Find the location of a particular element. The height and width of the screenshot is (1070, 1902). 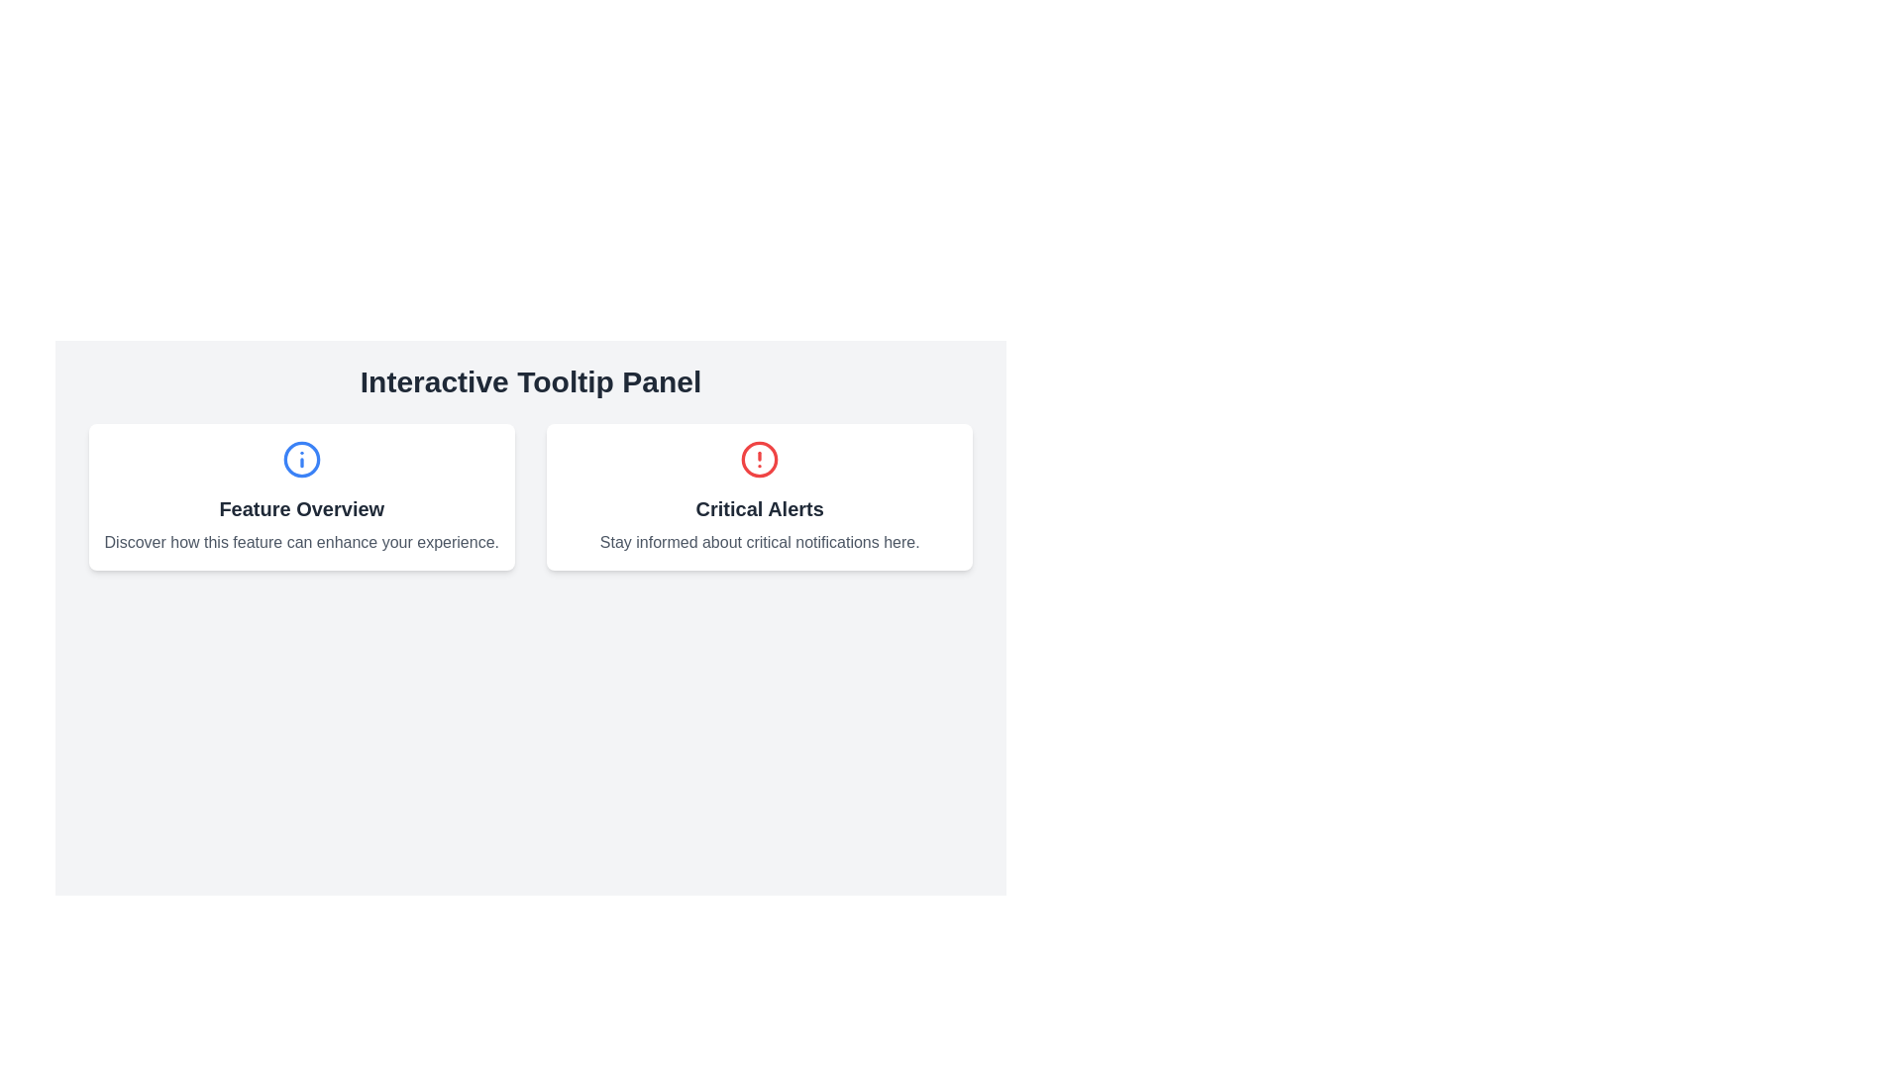

the header text element labeled 'Interactive Tooltip Panel', which is styled in a large bold font and centered at the top of the section is located at coordinates (531, 381).